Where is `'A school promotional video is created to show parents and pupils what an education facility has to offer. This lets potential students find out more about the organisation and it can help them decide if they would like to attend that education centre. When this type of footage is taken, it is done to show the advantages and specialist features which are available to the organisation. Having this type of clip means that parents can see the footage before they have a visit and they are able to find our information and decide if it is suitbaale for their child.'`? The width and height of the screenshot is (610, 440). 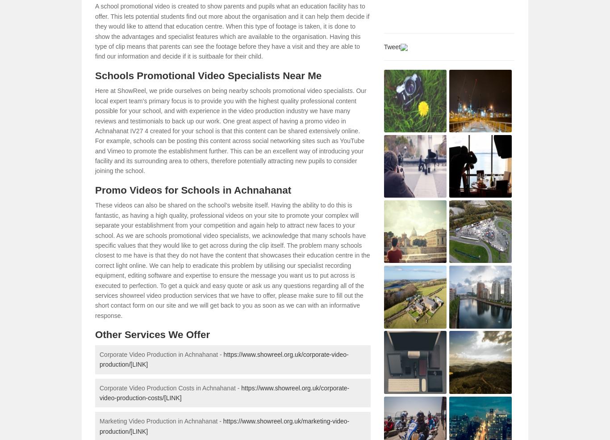
'A school promotional video is created to show parents and pupils what an education facility has to offer. This lets potential students find out more about the organisation and it can help them decide if they would like to attend that education centre. When this type of footage is taken, it is done to show the advantages and specialist features which are available to the organisation. Having this type of clip means that parents can see the footage before they have a visit and they are able to find our information and decide if it is suitbaale for their child.' is located at coordinates (232, 30).